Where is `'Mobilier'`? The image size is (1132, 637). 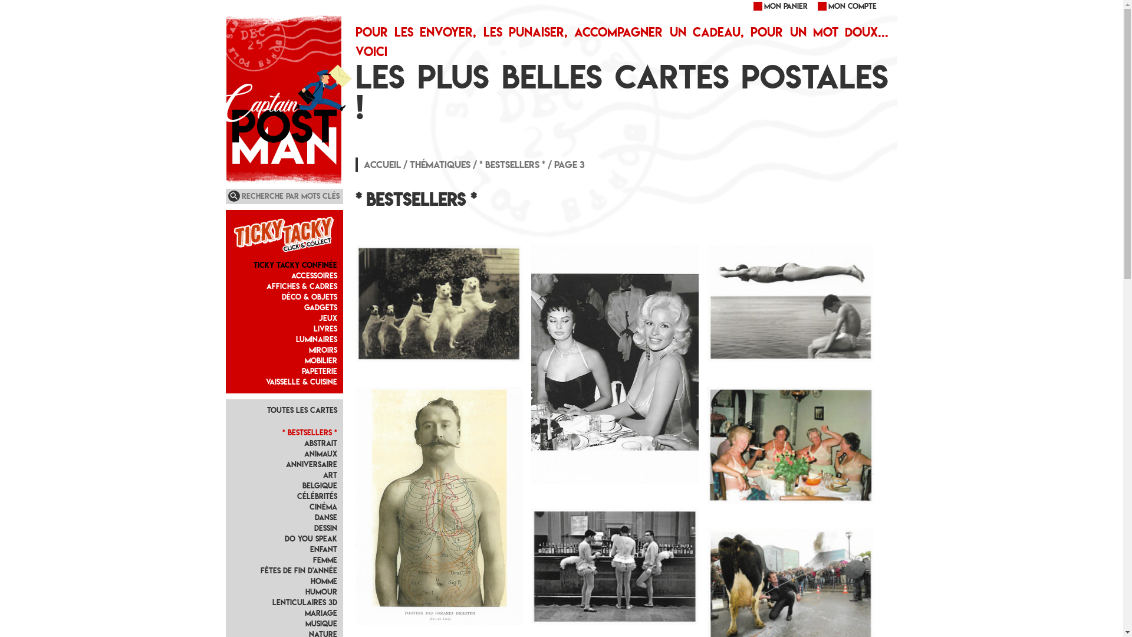 'Mobilier' is located at coordinates (321, 360).